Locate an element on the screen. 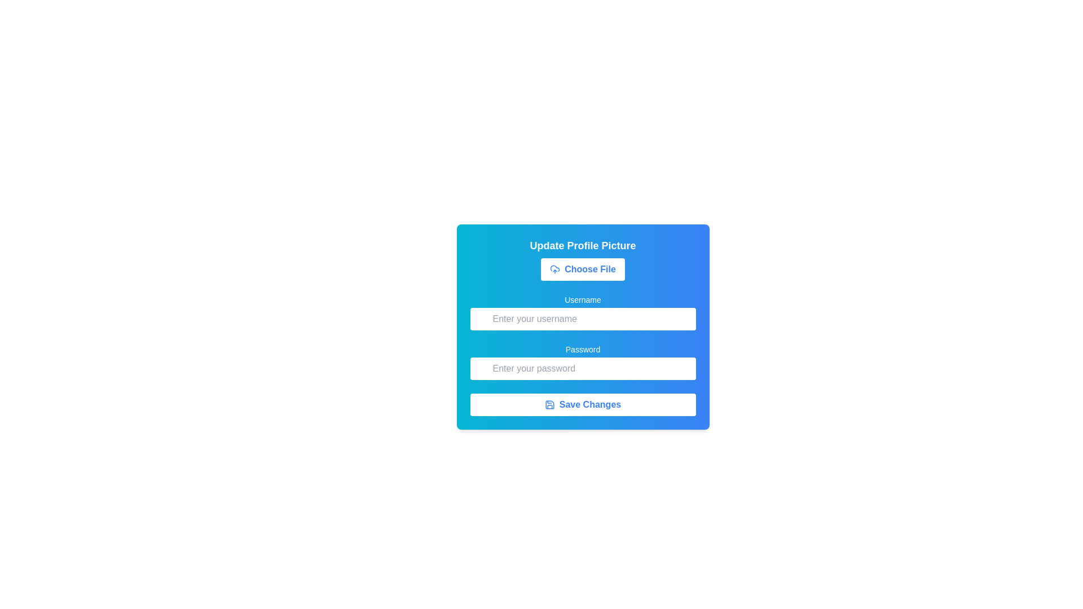 The height and width of the screenshot is (609, 1083). the 'Choose File' button is located at coordinates (583, 270).